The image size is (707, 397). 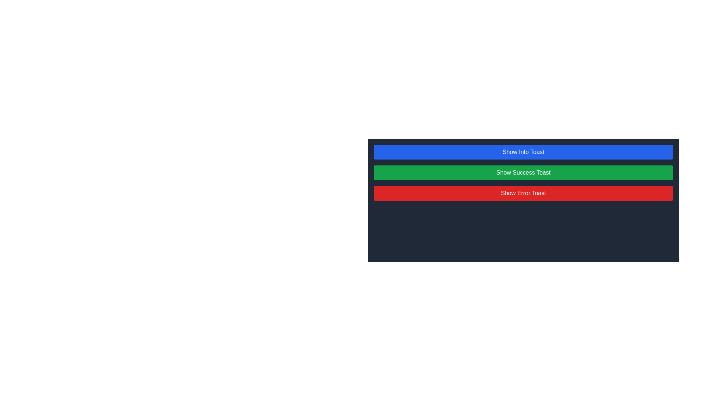 I want to click on the button in the upper-right modal panel, so click(x=523, y=195).